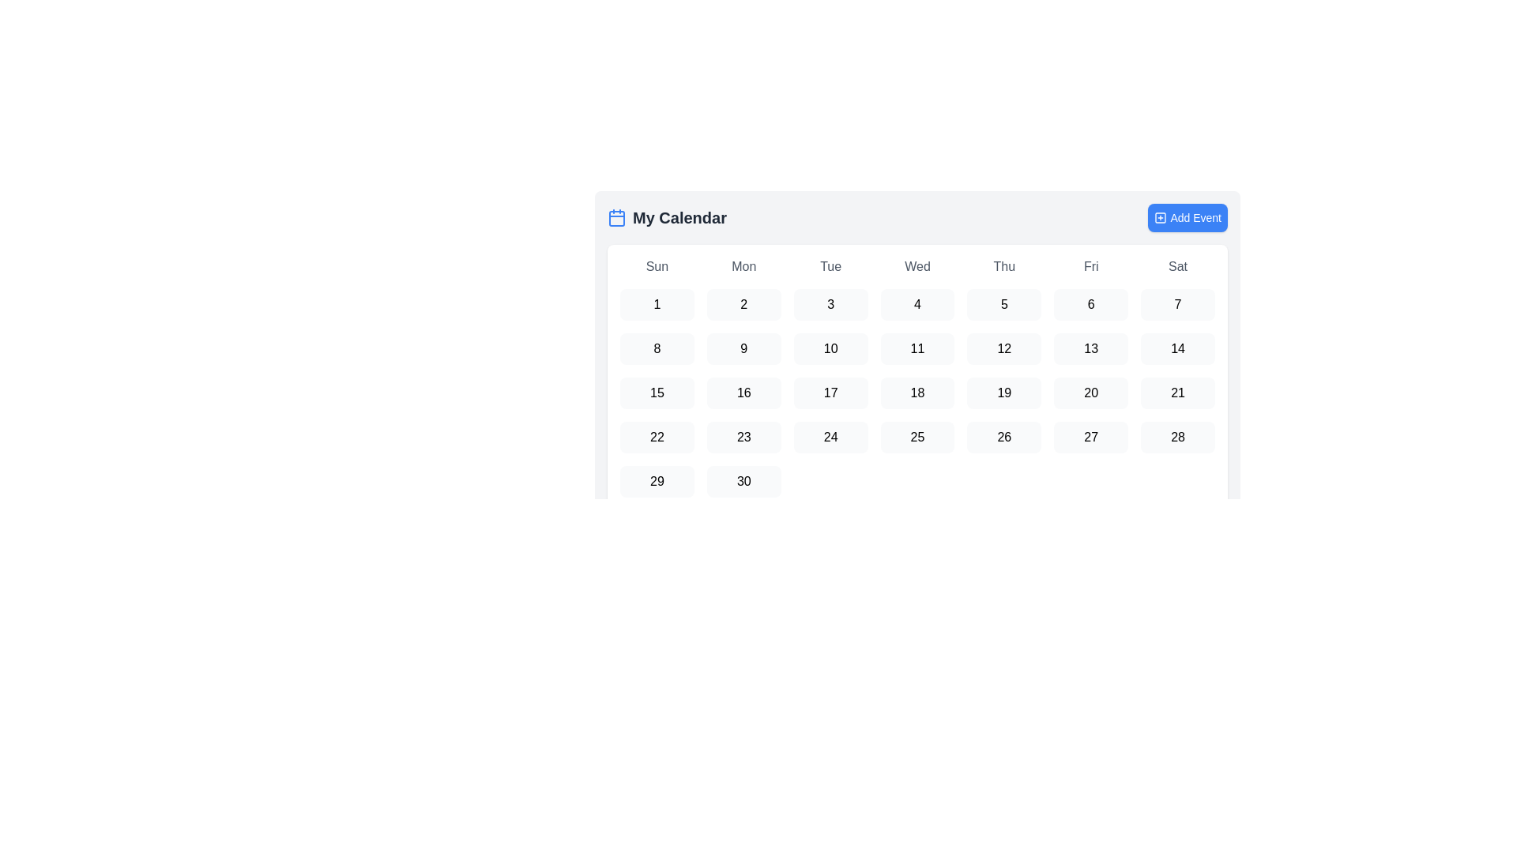 This screenshot has height=853, width=1517. Describe the element at coordinates (1178, 438) in the screenshot. I see `the static calendar cell representing the date 28` at that location.